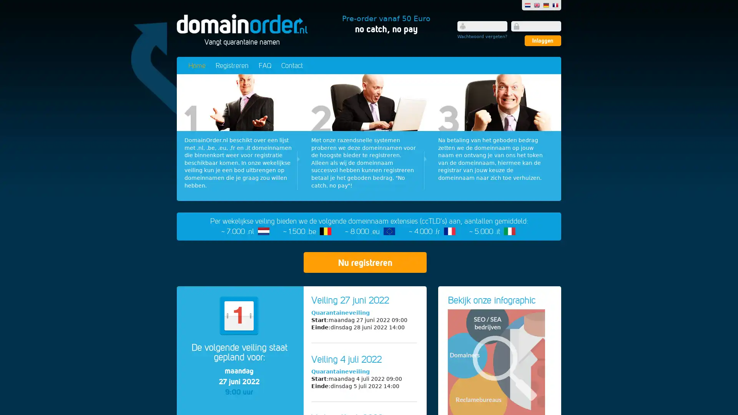 The height and width of the screenshot is (415, 738). What do you see at coordinates (542, 40) in the screenshot?
I see `Inloggen` at bounding box center [542, 40].